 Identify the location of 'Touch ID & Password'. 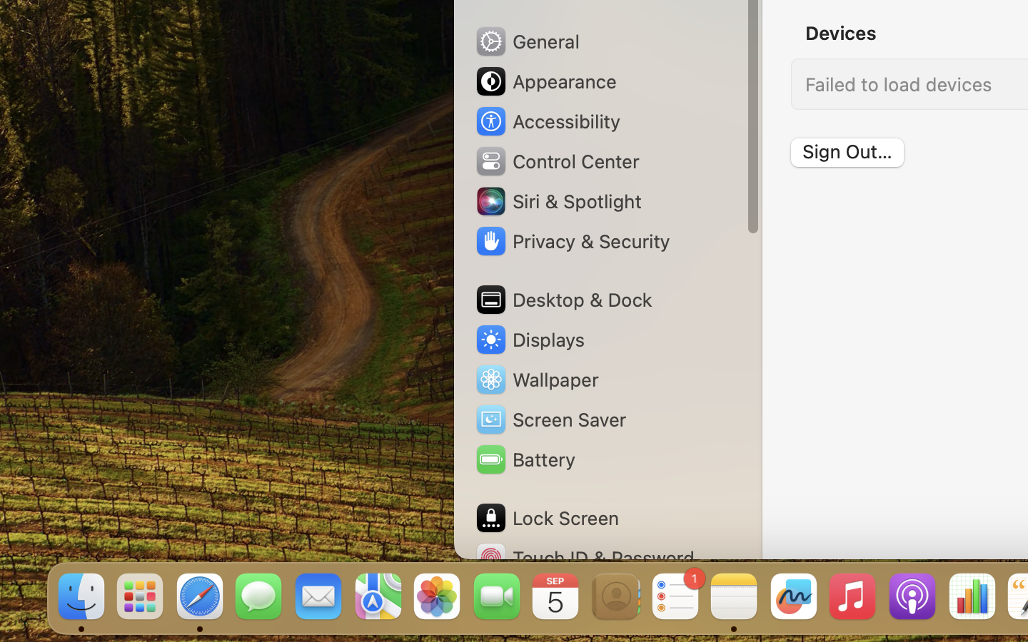
(585, 557).